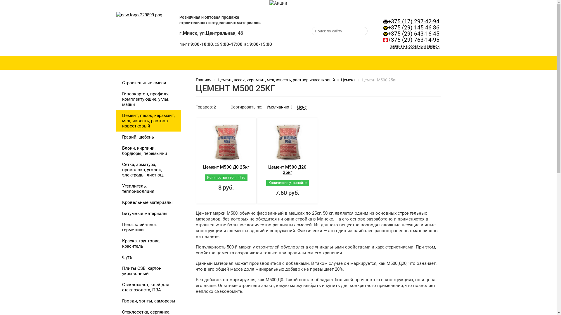 The height and width of the screenshot is (315, 561). What do you see at coordinates (413, 28) in the screenshot?
I see `'+375 (29) 145-46-86'` at bounding box center [413, 28].